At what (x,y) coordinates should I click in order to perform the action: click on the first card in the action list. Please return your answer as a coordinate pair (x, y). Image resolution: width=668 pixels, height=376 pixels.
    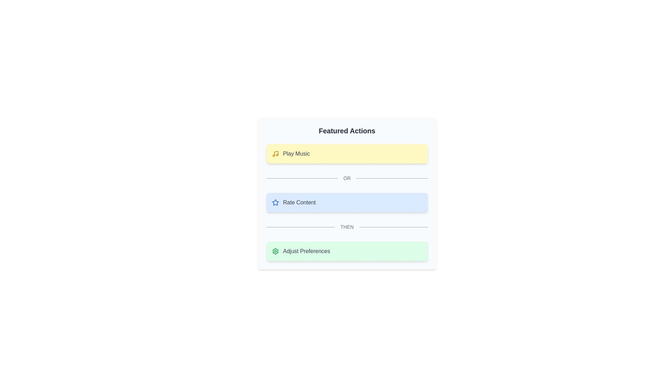
    Looking at the image, I should click on (347, 154).